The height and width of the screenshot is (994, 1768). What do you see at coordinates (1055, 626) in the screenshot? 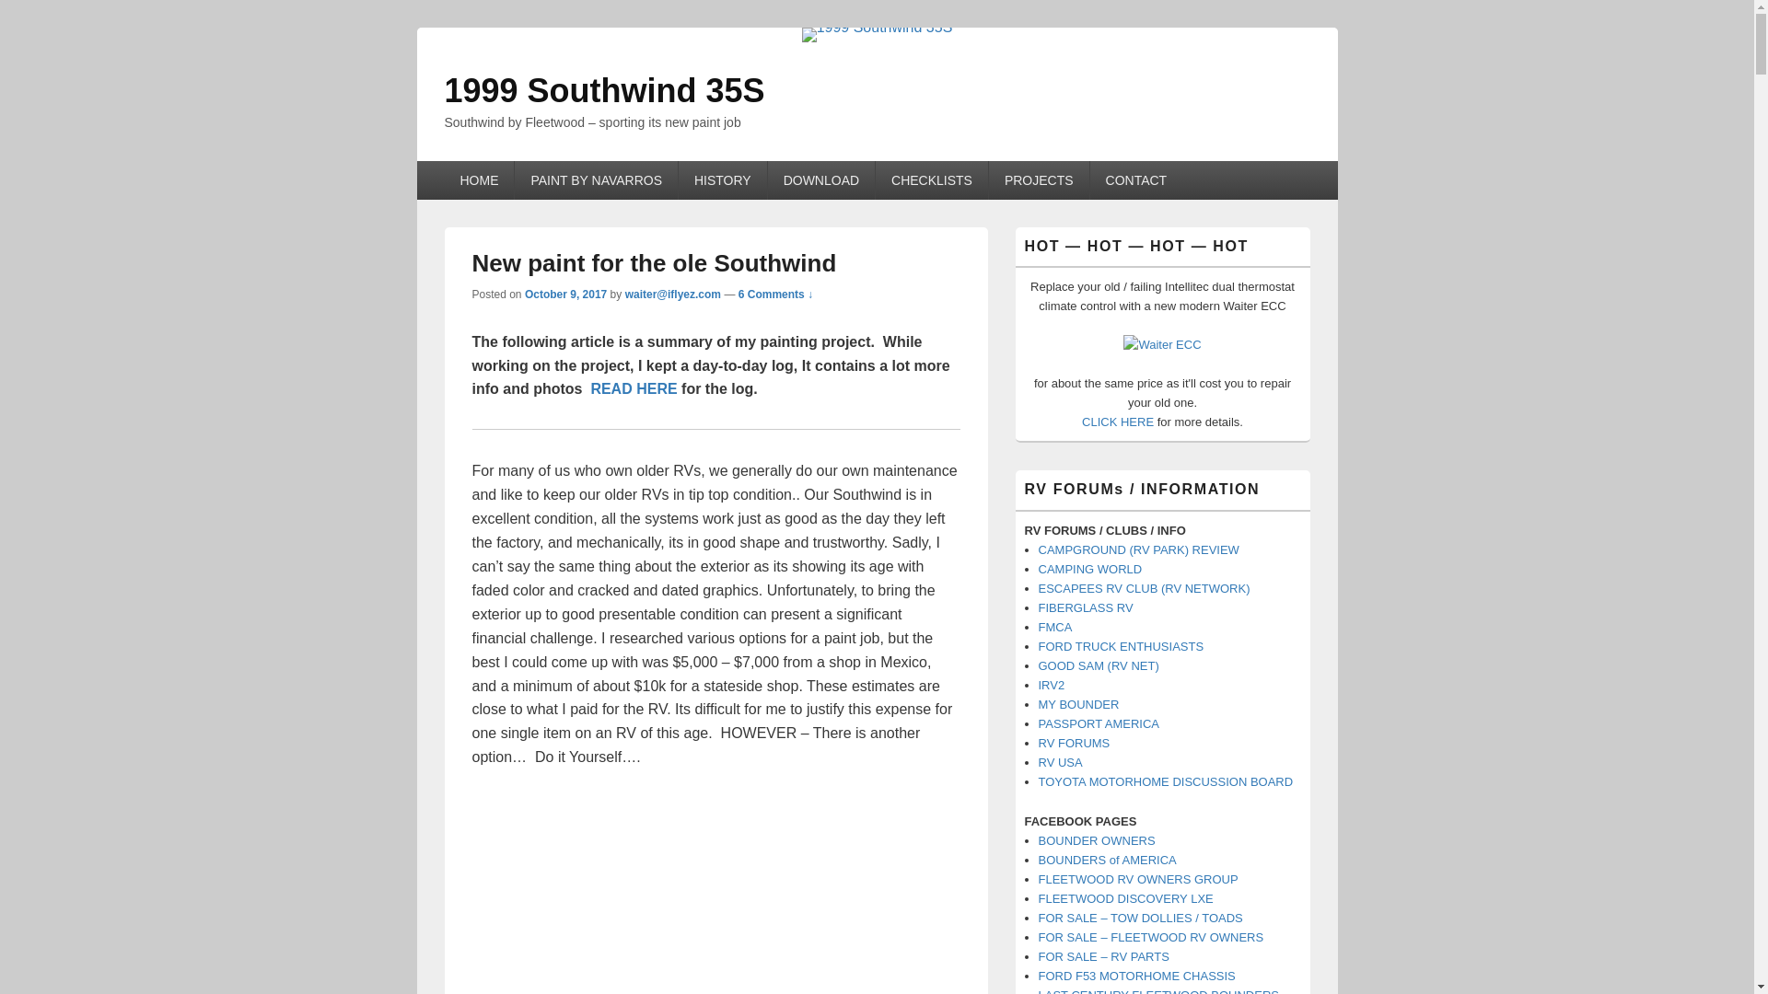
I see `'FMCA'` at bounding box center [1055, 626].